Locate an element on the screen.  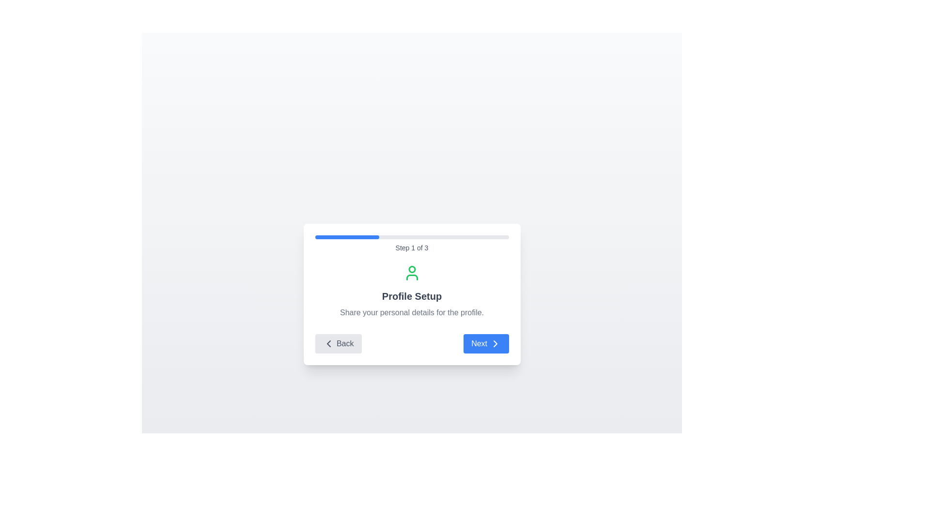
the left-facing chevron icon located within the 'Back' button is located at coordinates (328, 343).